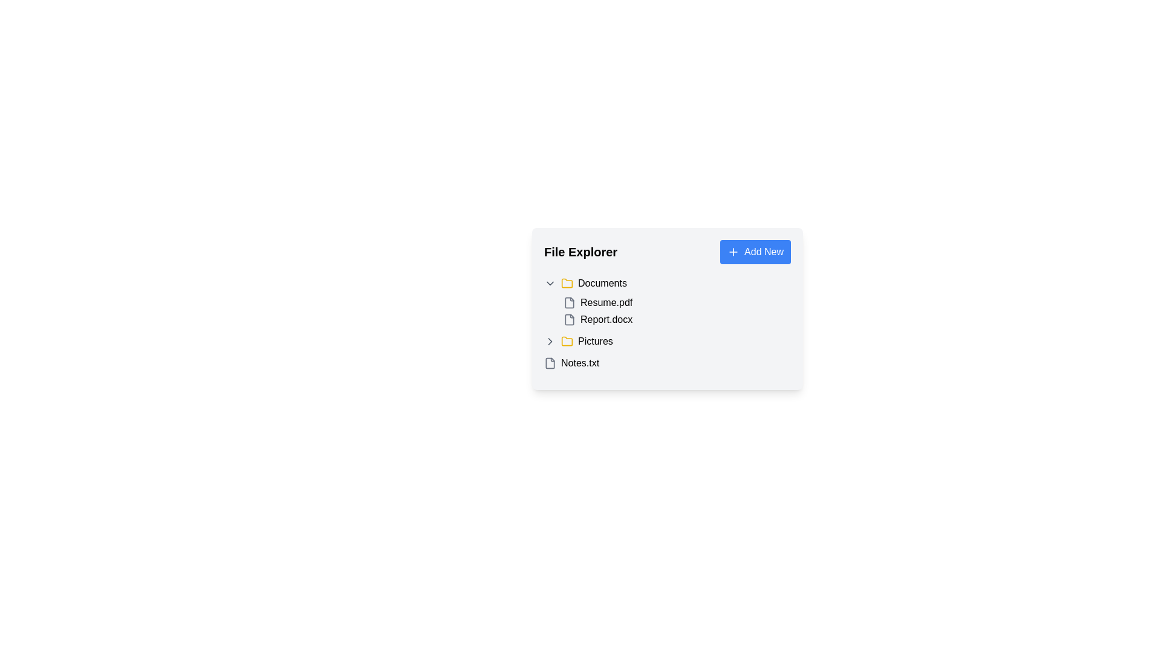  What do you see at coordinates (667, 301) in the screenshot?
I see `the 'Documents' folder` at bounding box center [667, 301].